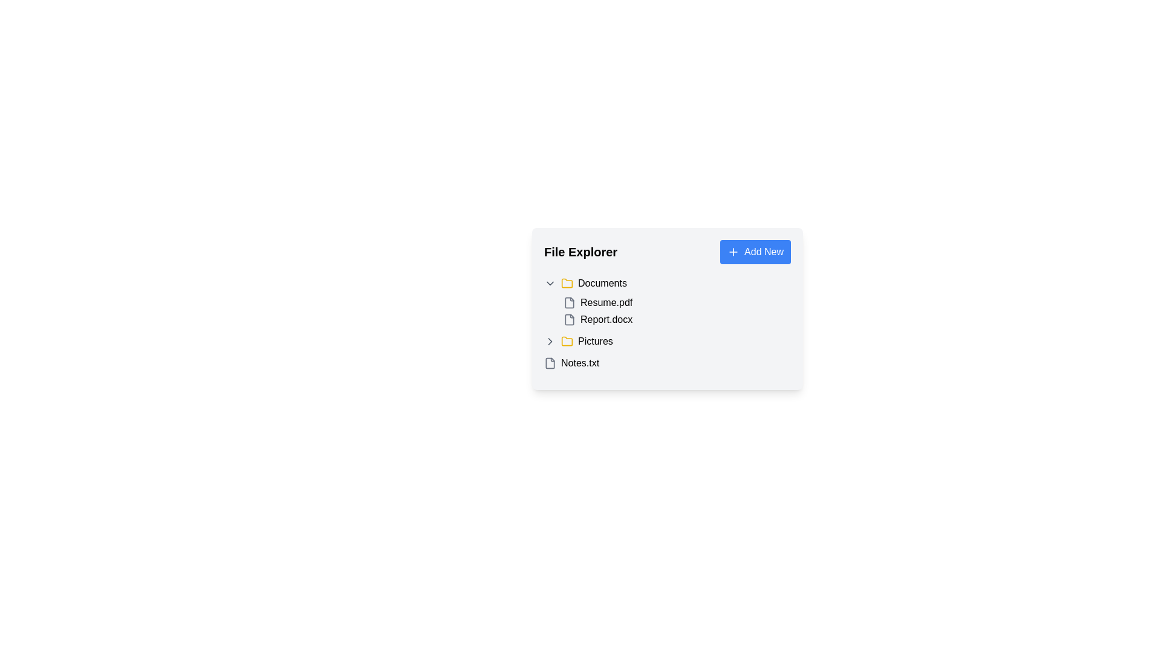  What do you see at coordinates (667, 301) in the screenshot?
I see `the 'Documents' folder` at bounding box center [667, 301].